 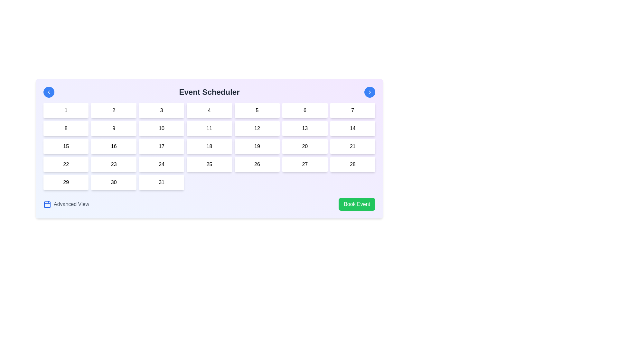 I want to click on the square button labeled '22' in the calendar grid, so click(x=66, y=164).